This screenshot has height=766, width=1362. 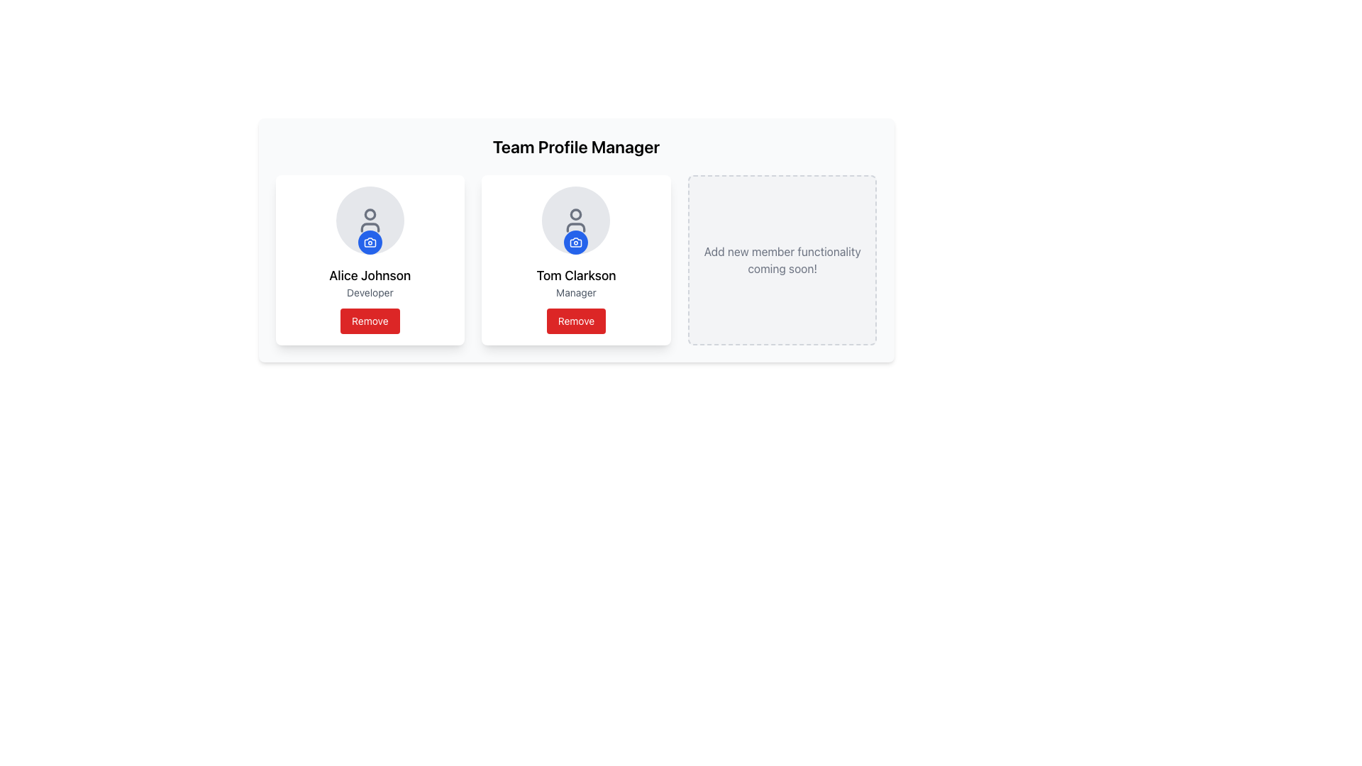 I want to click on the static label that describes the user's role as 'Developer', located beneath 'Alice Johnson' and above the 'Remove' button in the first user card, so click(x=370, y=292).